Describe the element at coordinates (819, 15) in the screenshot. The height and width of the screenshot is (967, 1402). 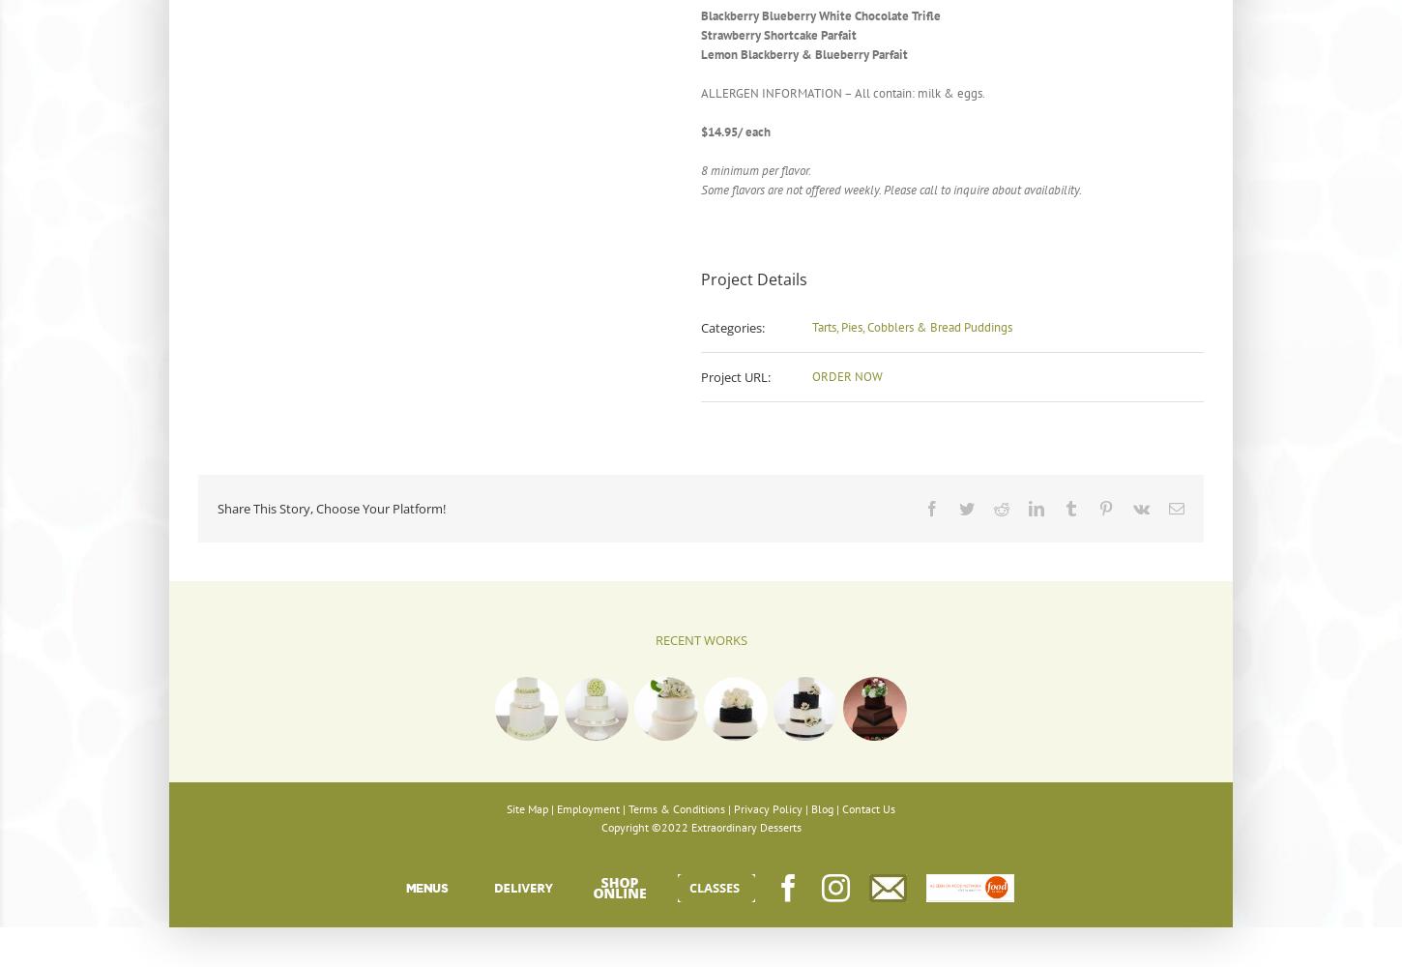
I see `'Blackberry Blueberry White Chocolate Trifle'` at that location.